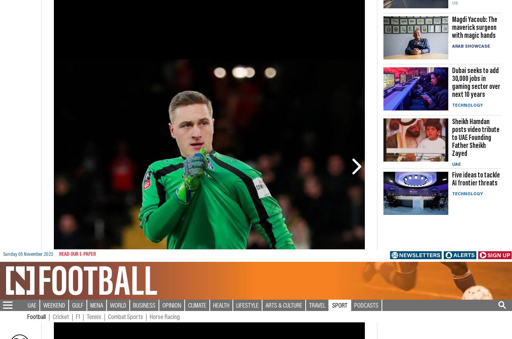 Image resolution: width=512 pixels, height=339 pixels. I want to click on 'Economy', so click(210, 291).